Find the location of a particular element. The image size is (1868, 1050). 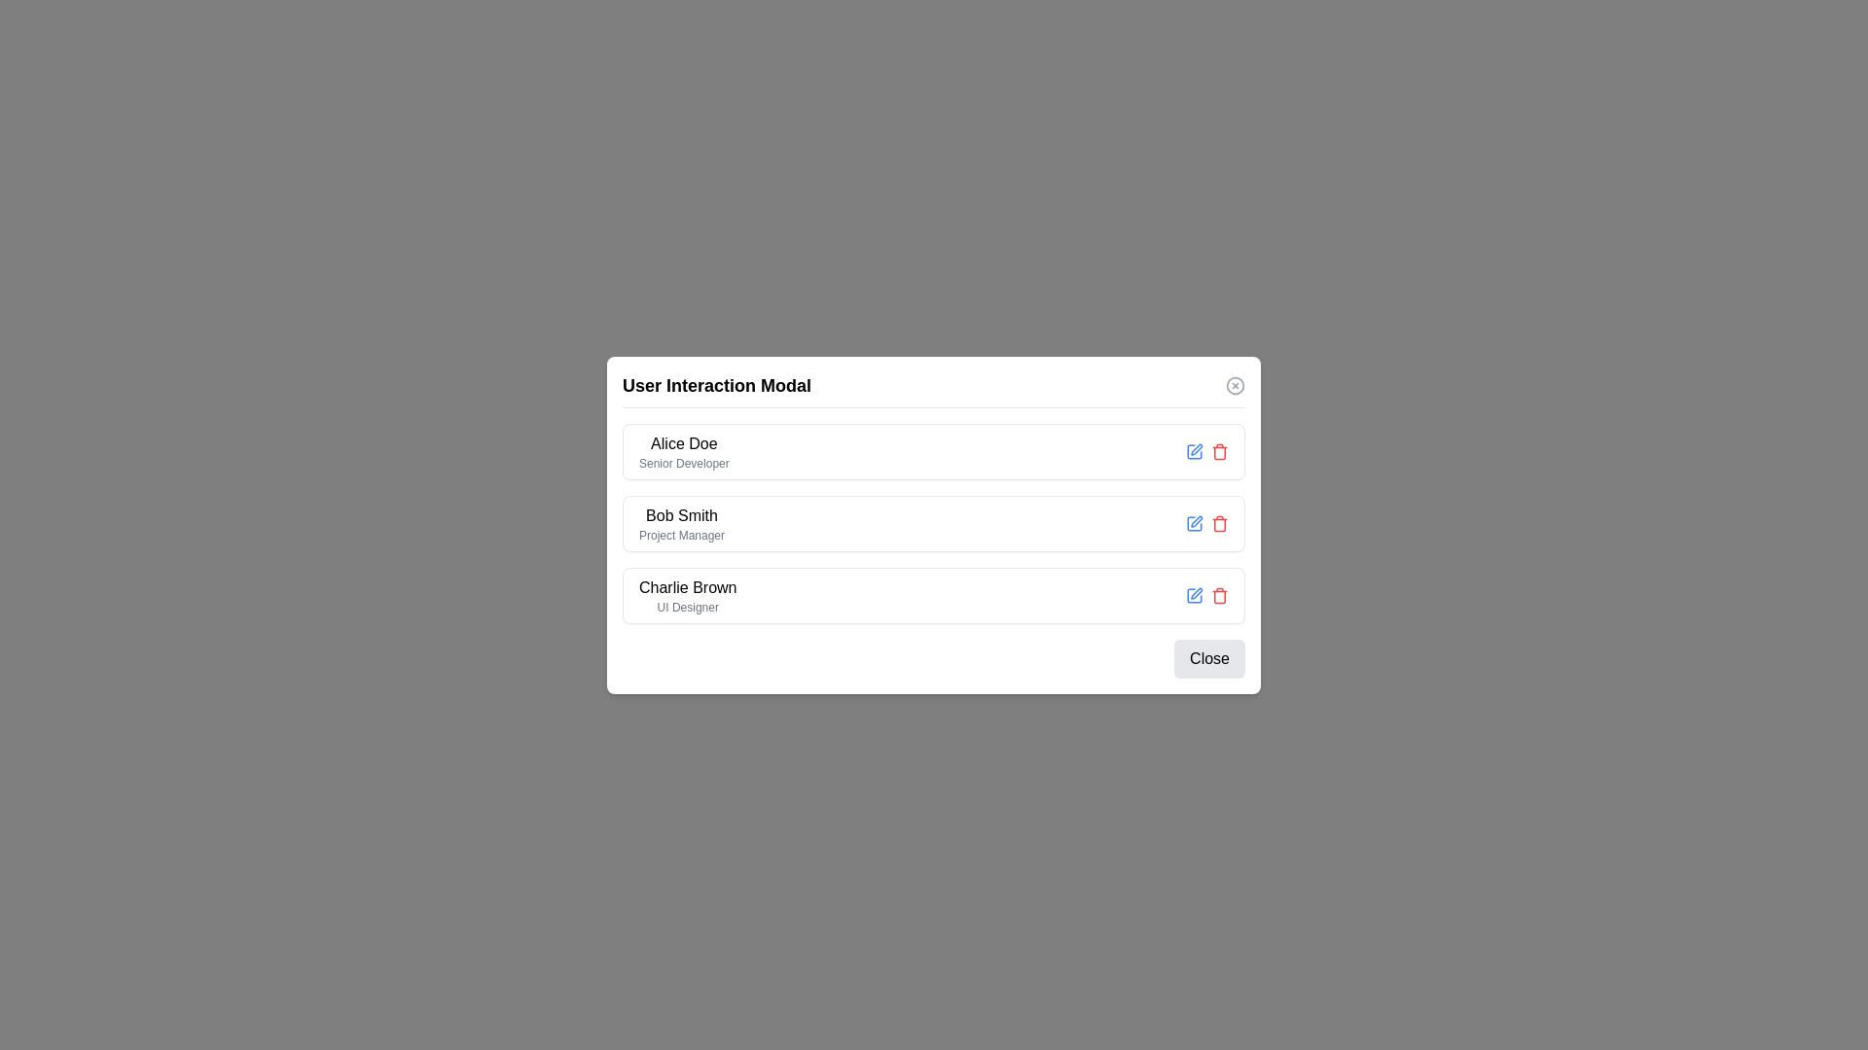

the edit button represented by a pen-shaped icon in the user interaction modal for 'Bob Smith' is located at coordinates (1196, 520).